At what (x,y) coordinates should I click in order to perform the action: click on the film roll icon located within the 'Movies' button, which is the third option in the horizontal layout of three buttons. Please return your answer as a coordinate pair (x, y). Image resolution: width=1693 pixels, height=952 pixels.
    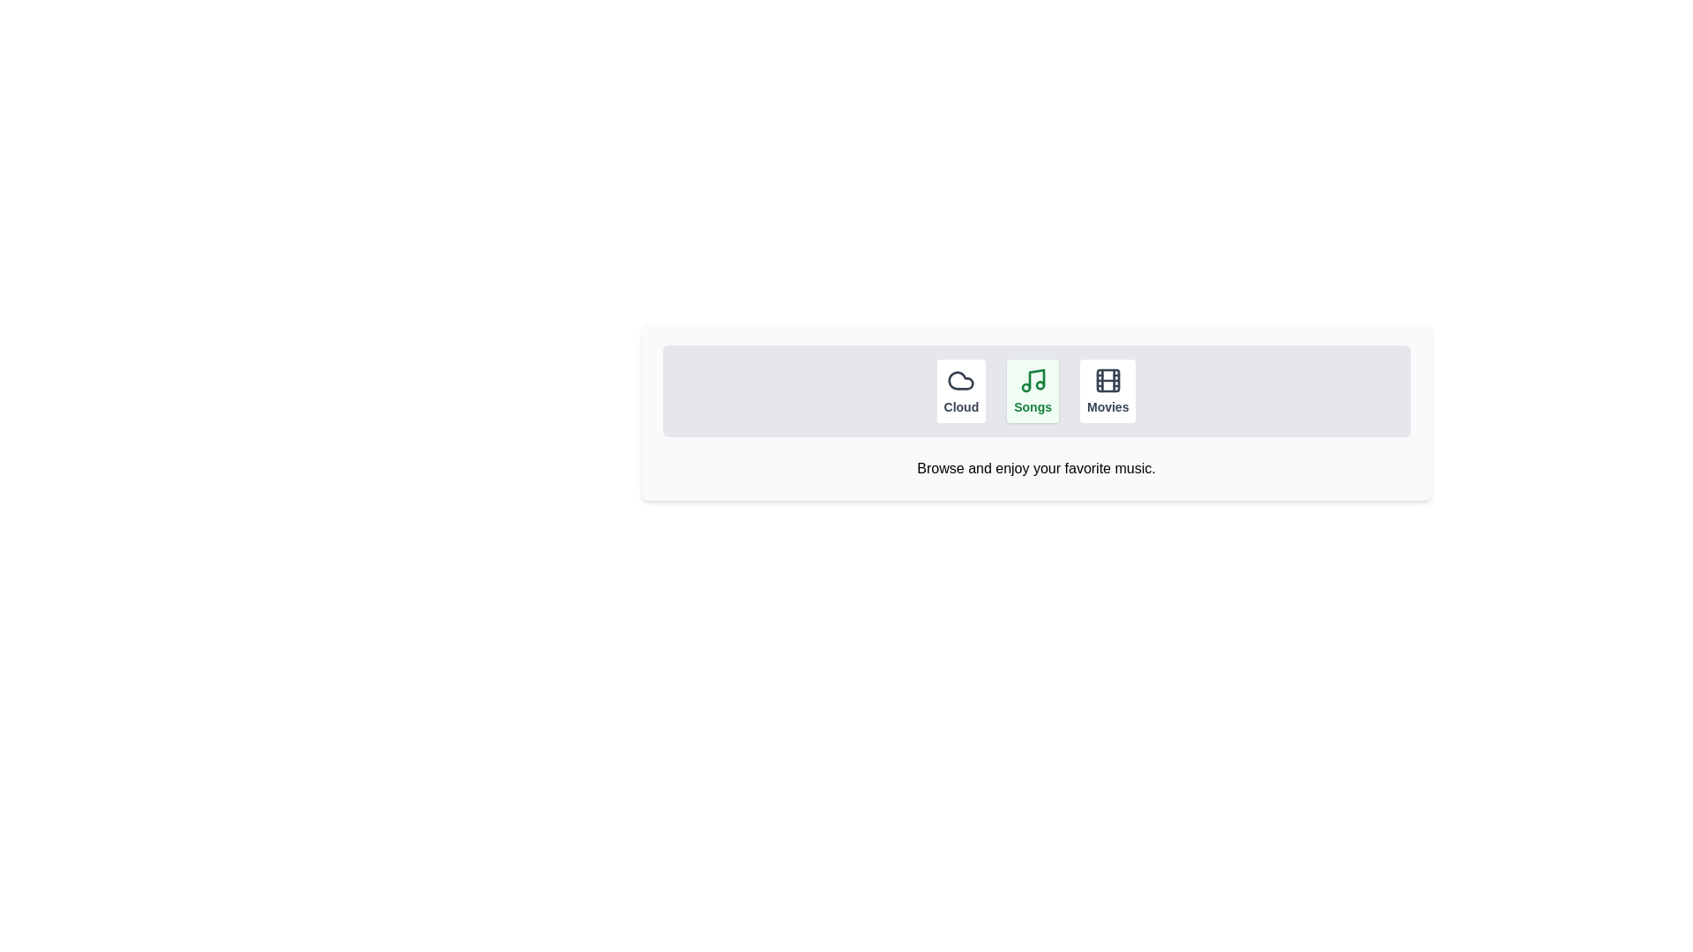
    Looking at the image, I should click on (1107, 380).